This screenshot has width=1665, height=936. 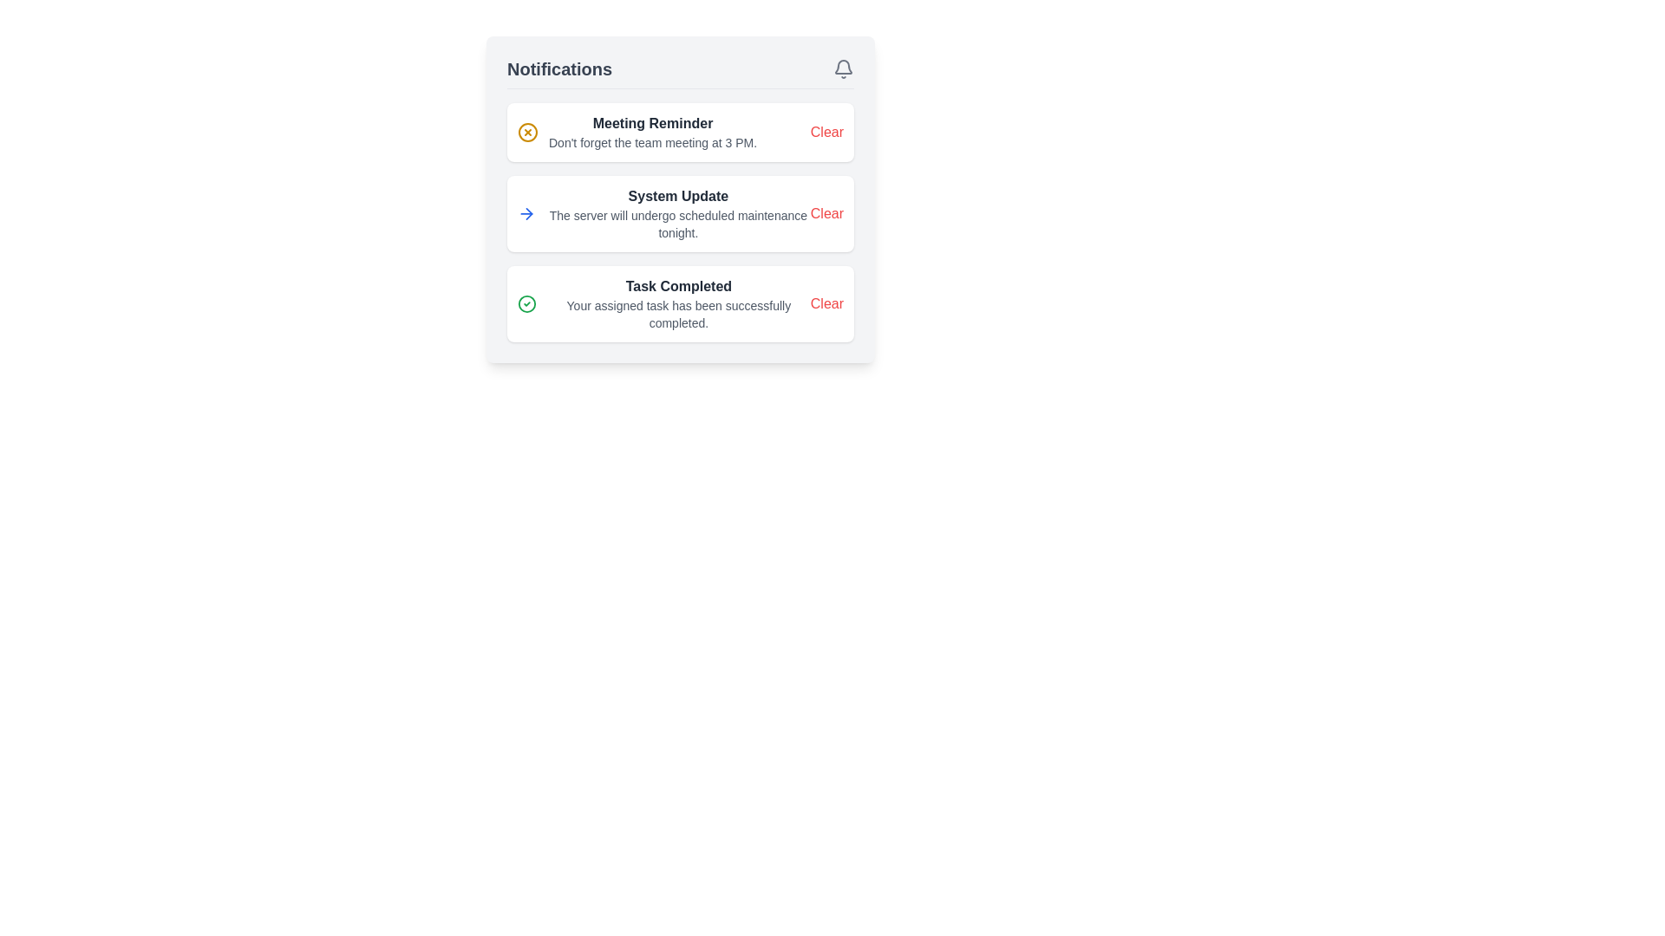 What do you see at coordinates (677, 212) in the screenshot?
I see `contents of the second notification in the system's notification panel that informs about the upcoming server maintenance schedule` at bounding box center [677, 212].